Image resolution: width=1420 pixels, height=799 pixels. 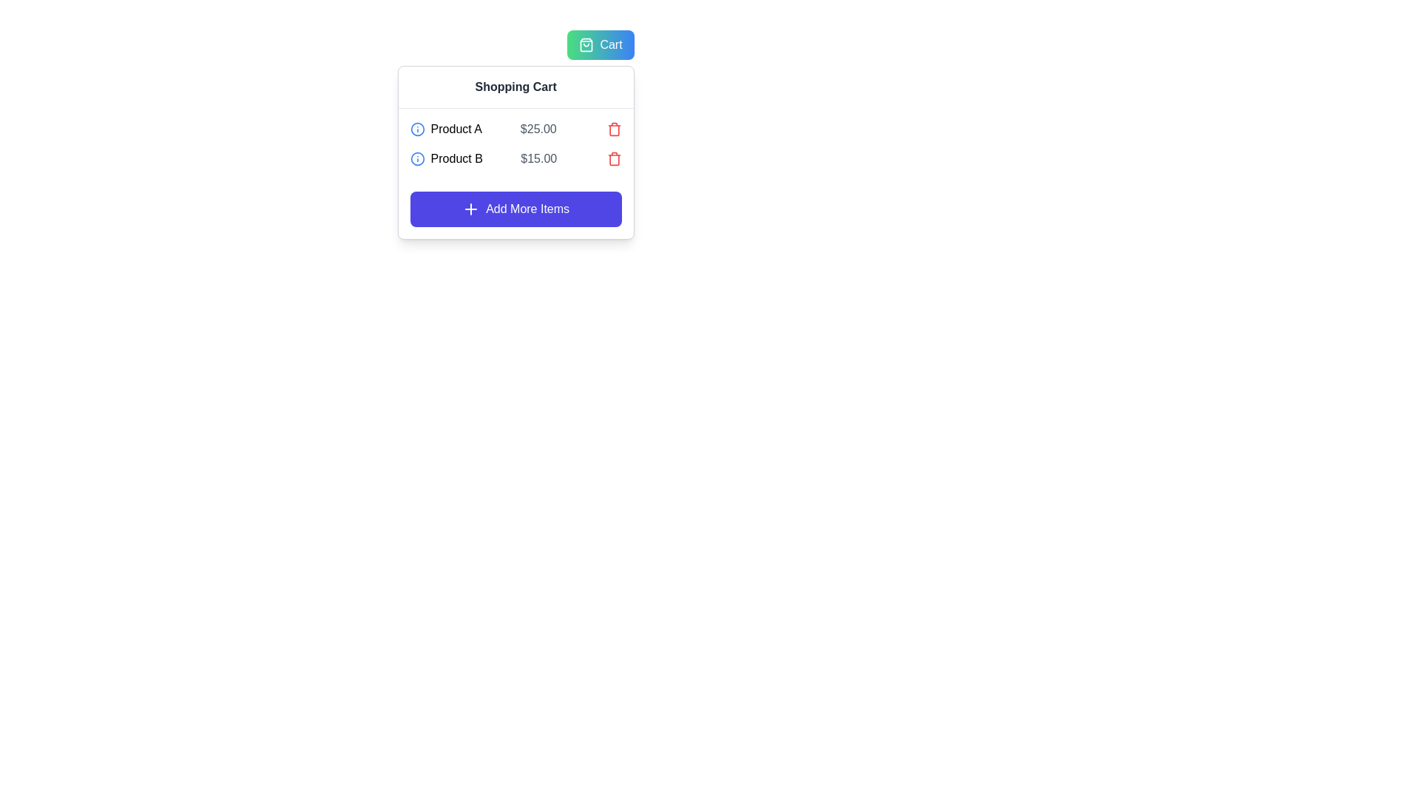 What do you see at coordinates (538, 159) in the screenshot?
I see `the price text label for 'Product B' in the shopping cart` at bounding box center [538, 159].